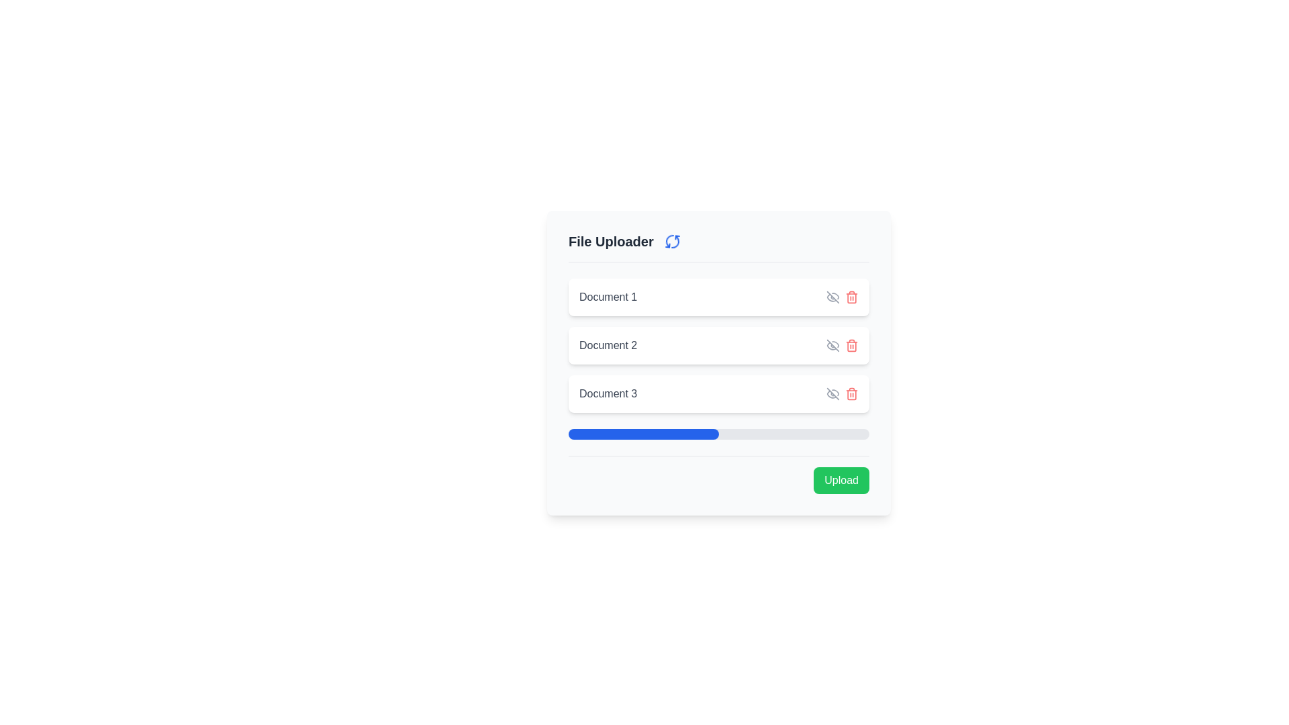  What do you see at coordinates (672, 240) in the screenshot?
I see `the spinning motion of the circular blue refresh icon located to the right of the 'File Uploader' title in the header section of the file uploader component` at bounding box center [672, 240].